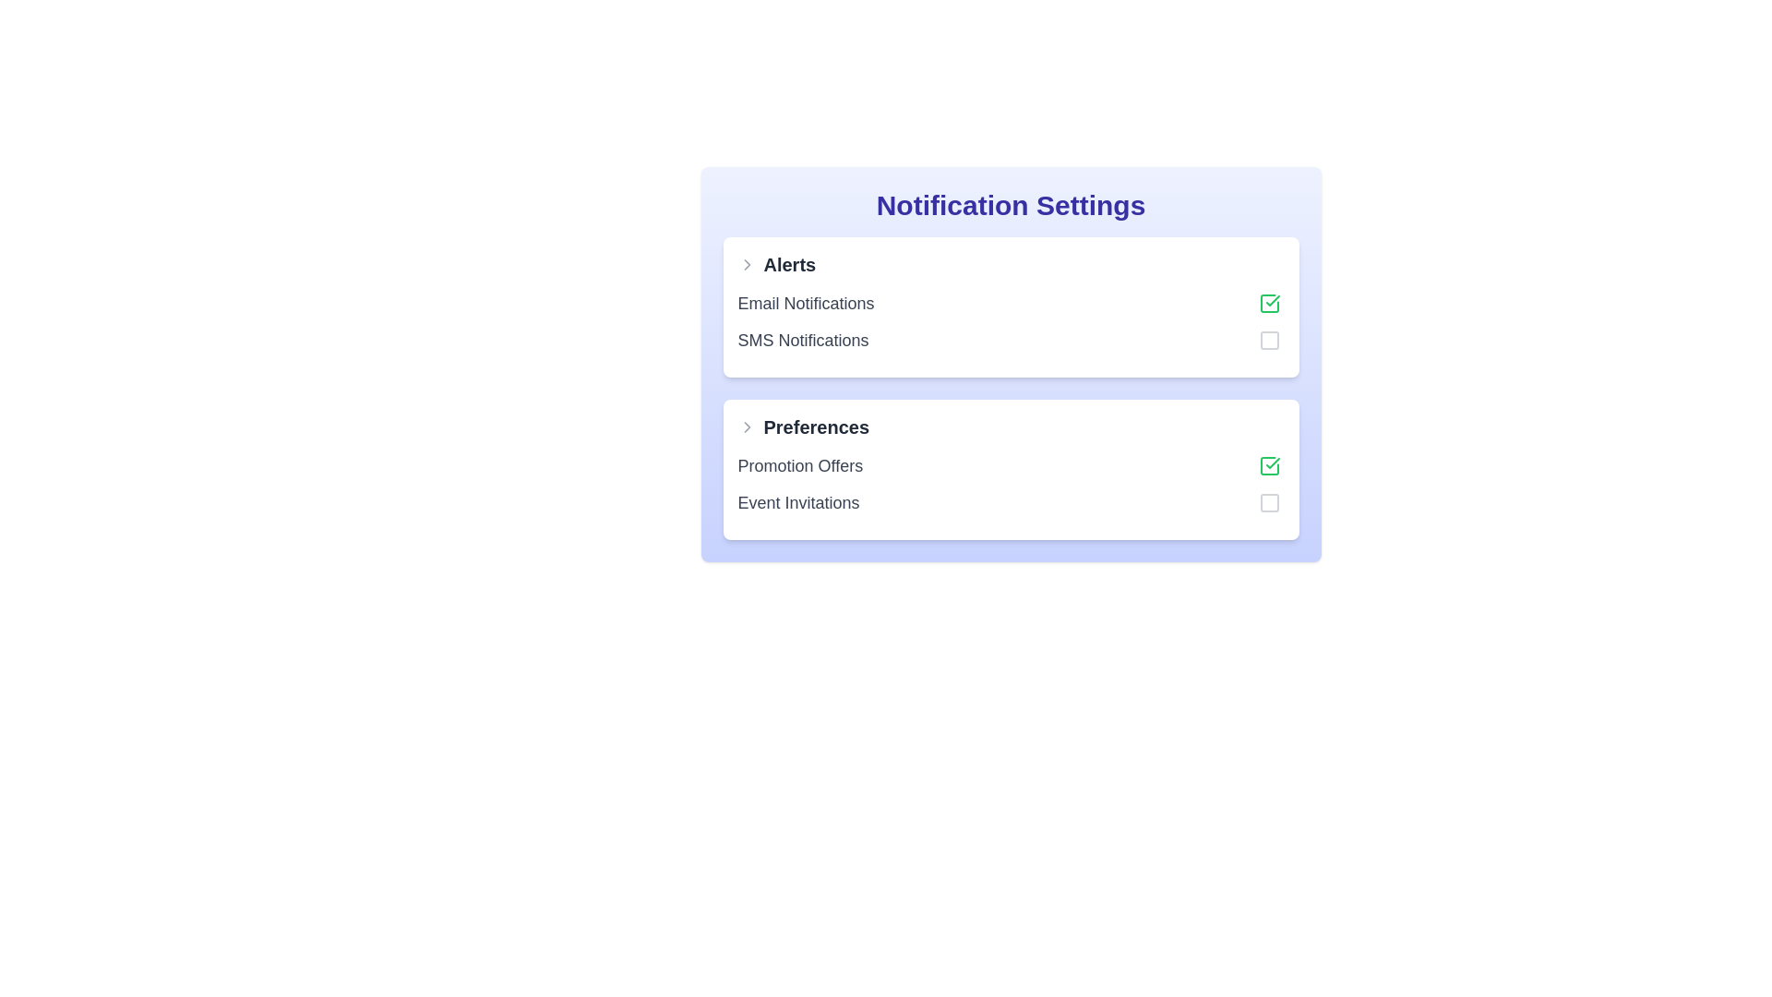 This screenshot has width=1772, height=997. I want to click on the checkbox of the 'Promotion Offers' notification preference option, so click(1010, 483).